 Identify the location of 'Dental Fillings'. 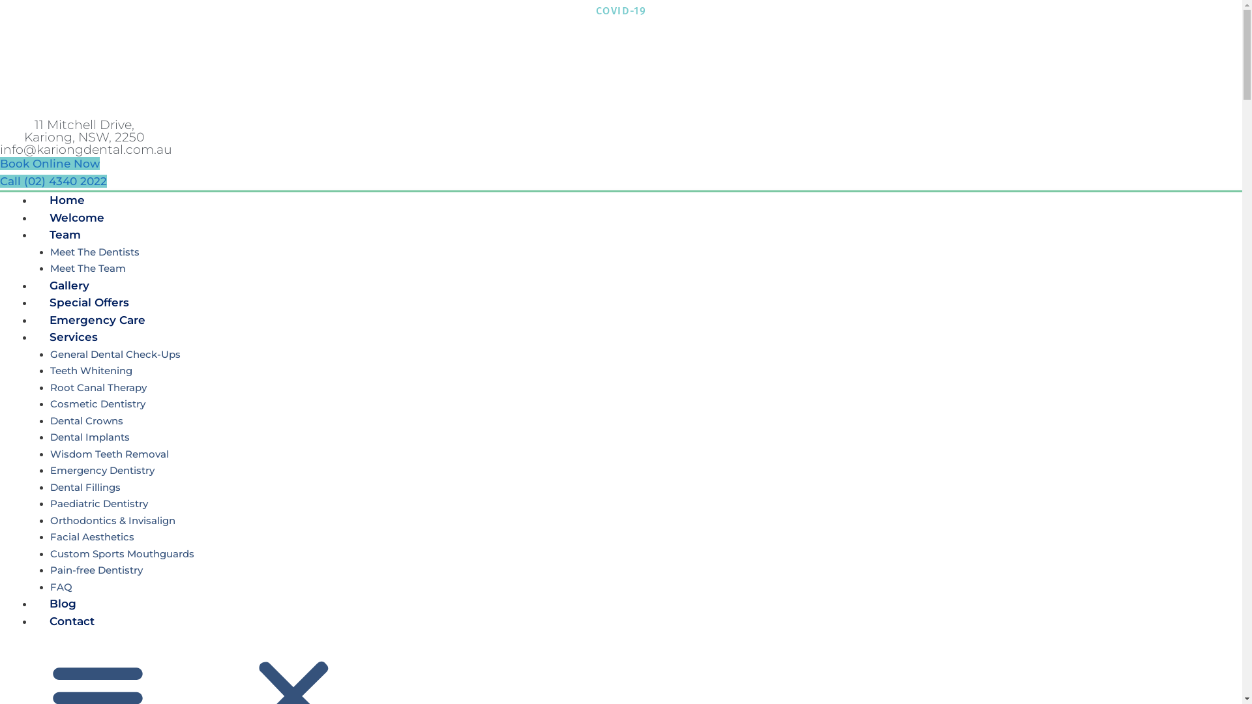
(83, 487).